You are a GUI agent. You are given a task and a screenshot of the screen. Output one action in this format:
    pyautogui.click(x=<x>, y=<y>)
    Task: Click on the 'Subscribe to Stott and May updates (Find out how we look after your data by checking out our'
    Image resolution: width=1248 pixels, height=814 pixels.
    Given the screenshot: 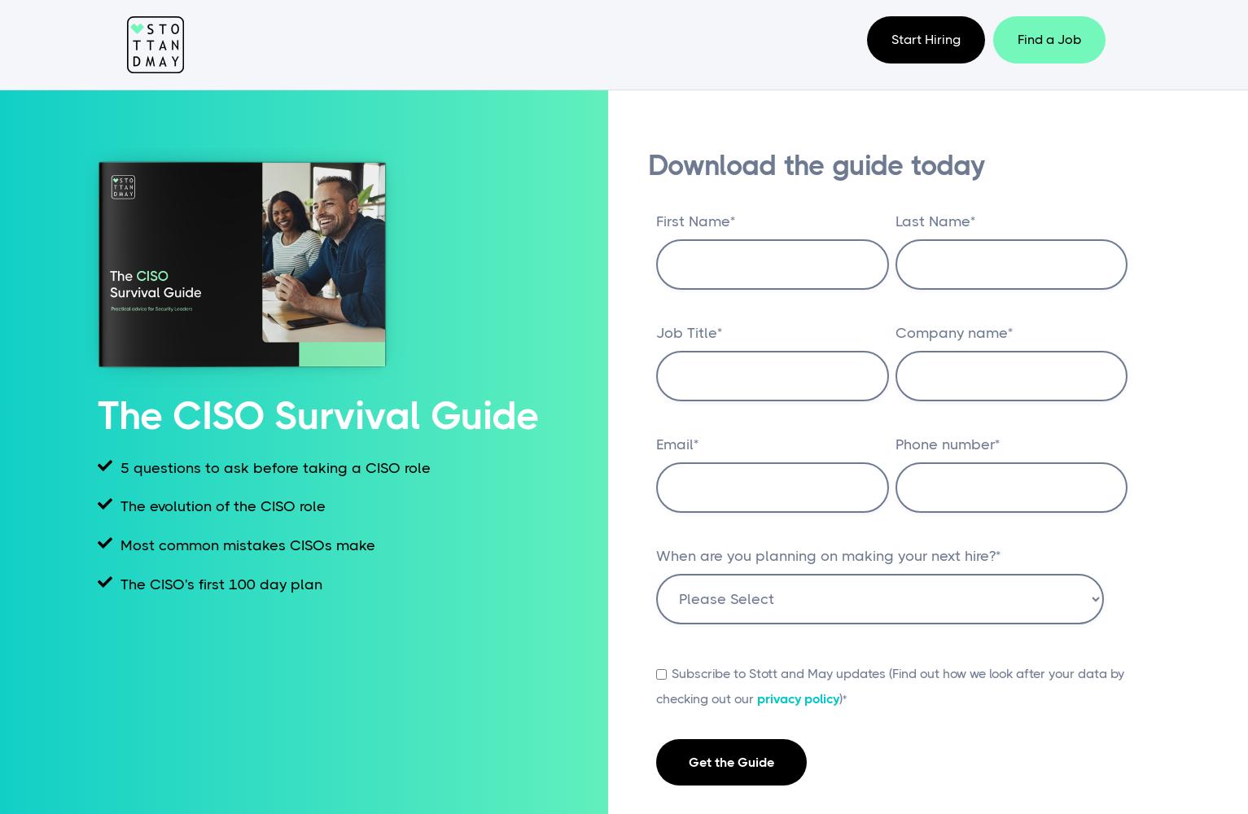 What is the action you would take?
    pyautogui.click(x=889, y=685)
    